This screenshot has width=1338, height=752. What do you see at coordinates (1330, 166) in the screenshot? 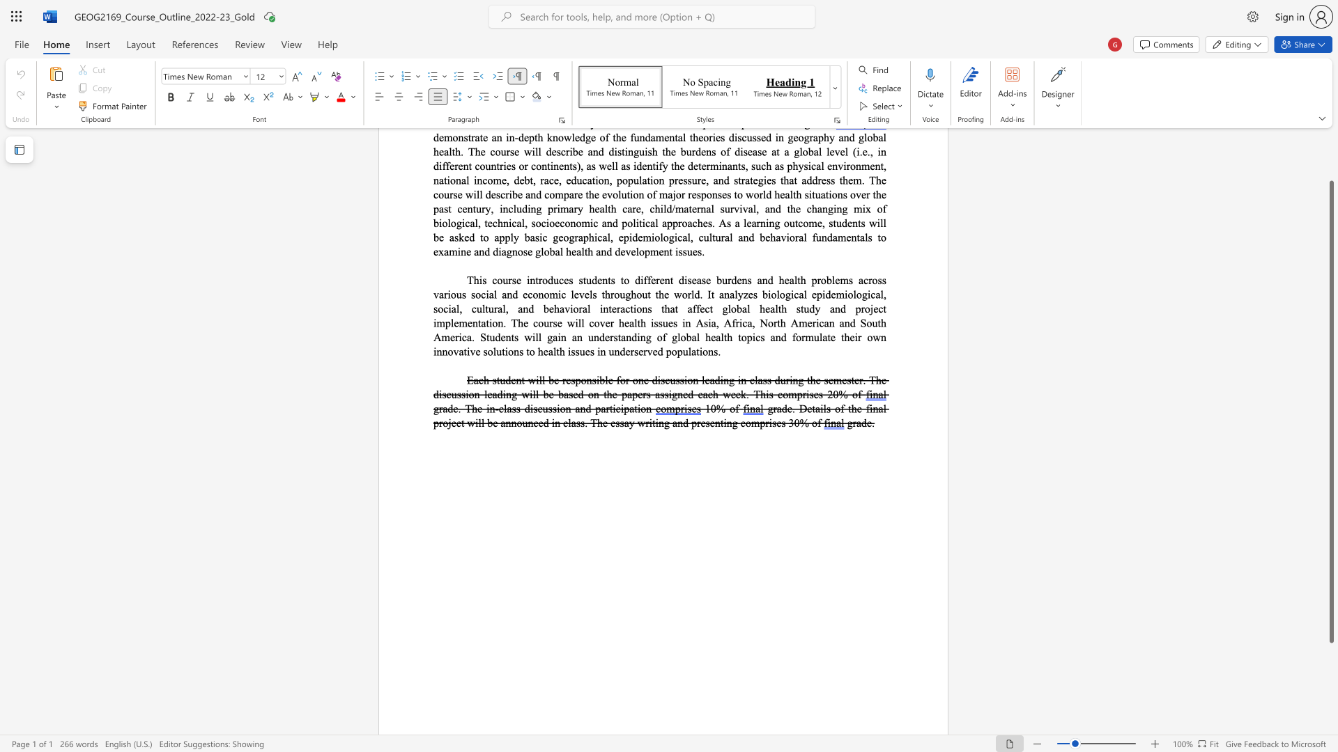
I see `the scrollbar on the side` at bounding box center [1330, 166].